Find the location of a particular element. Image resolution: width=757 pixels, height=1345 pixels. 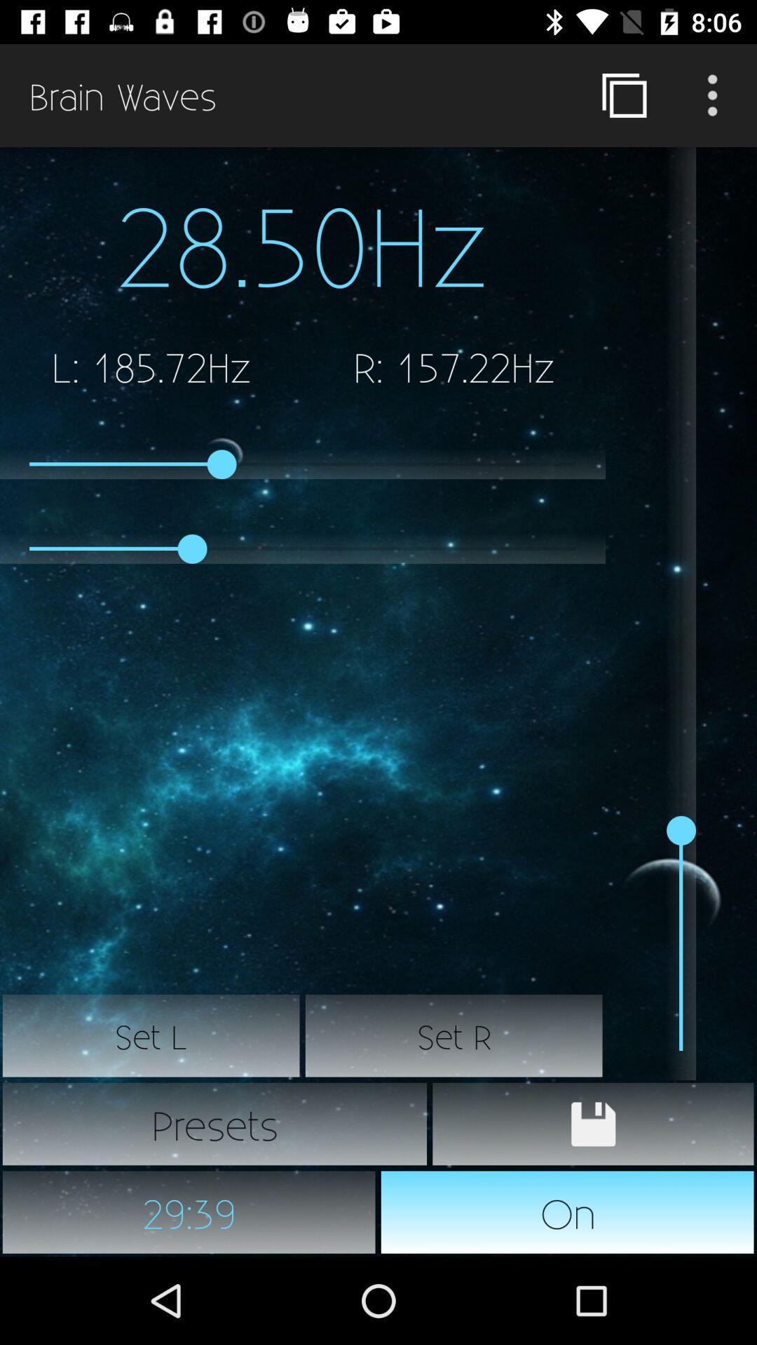

the presets is located at coordinates (214, 1124).